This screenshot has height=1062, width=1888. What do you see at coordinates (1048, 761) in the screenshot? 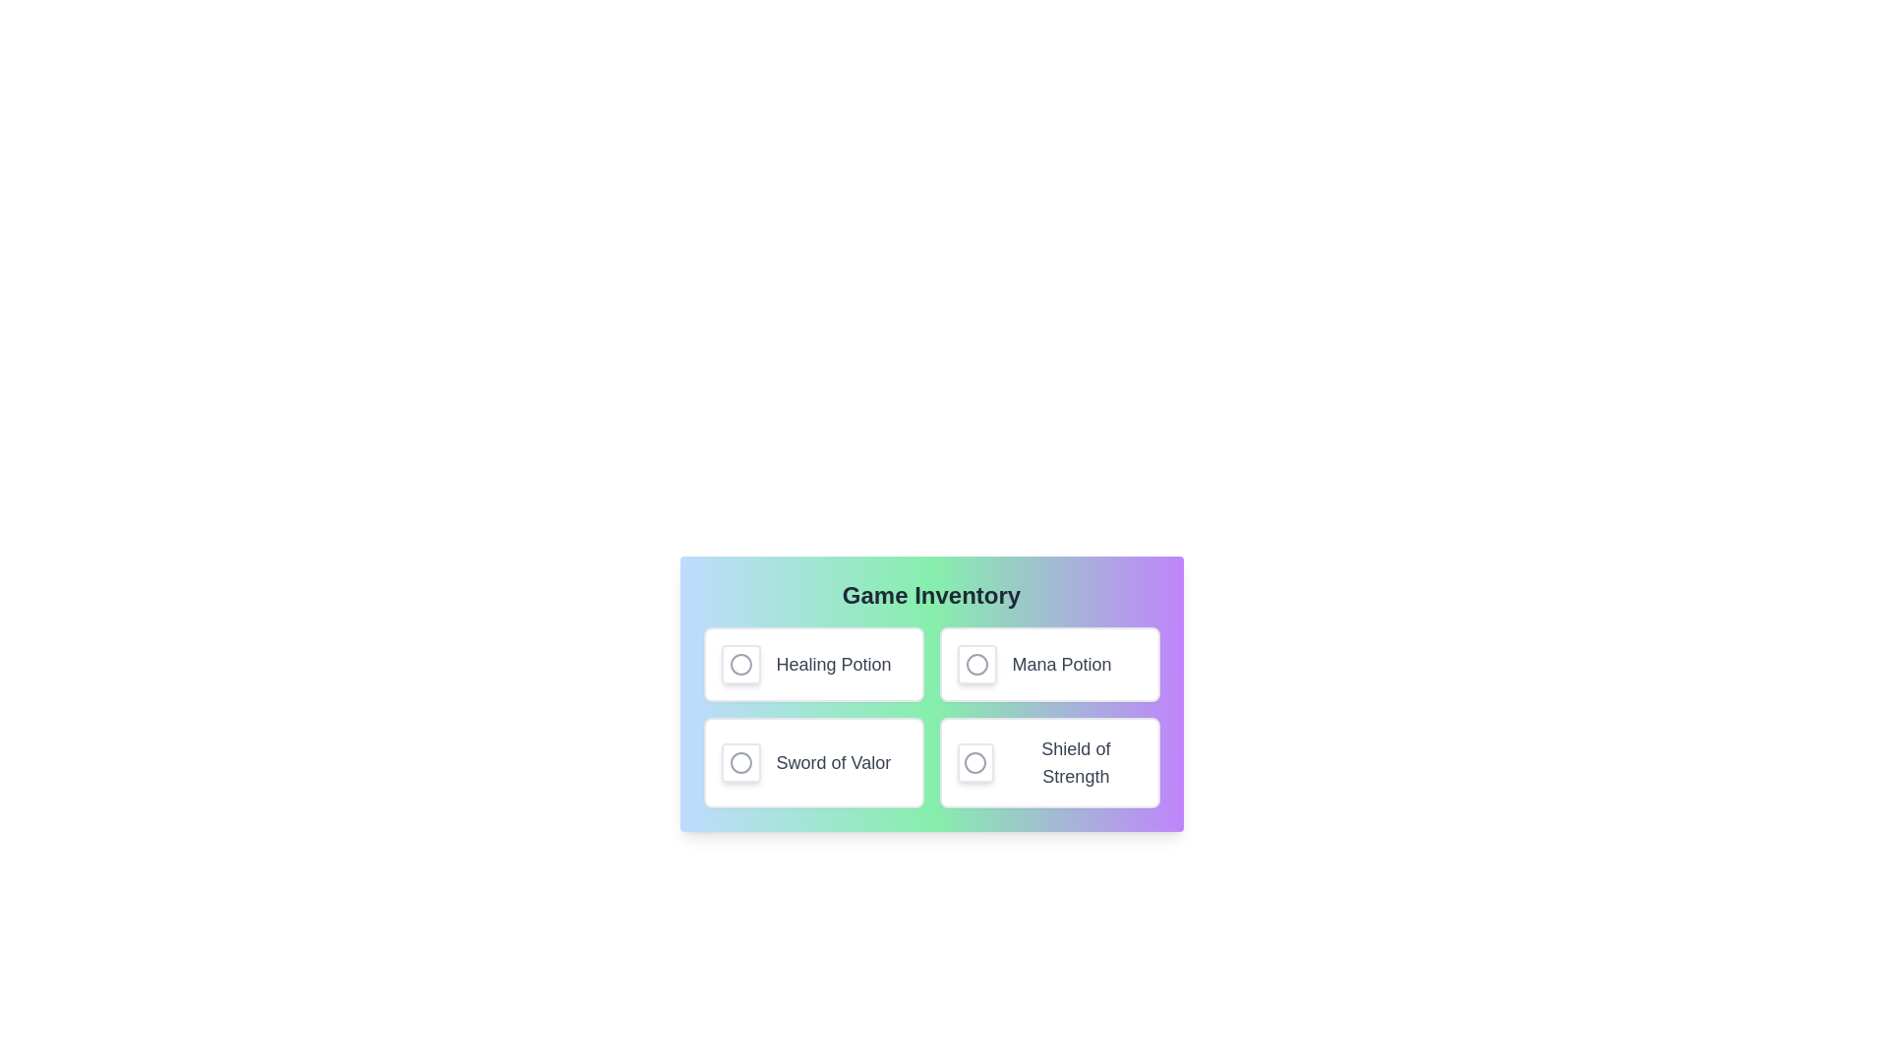
I see `the item Shield of Strength to observe hover effects` at bounding box center [1048, 761].